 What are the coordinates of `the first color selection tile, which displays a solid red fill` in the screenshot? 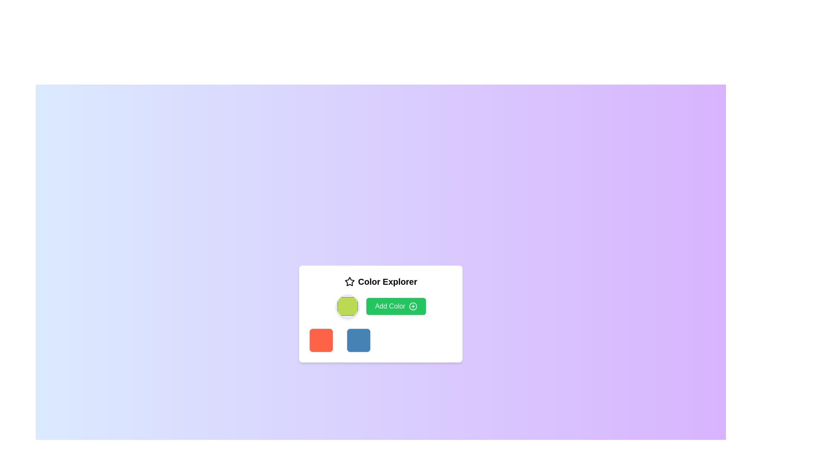 It's located at (320, 340).